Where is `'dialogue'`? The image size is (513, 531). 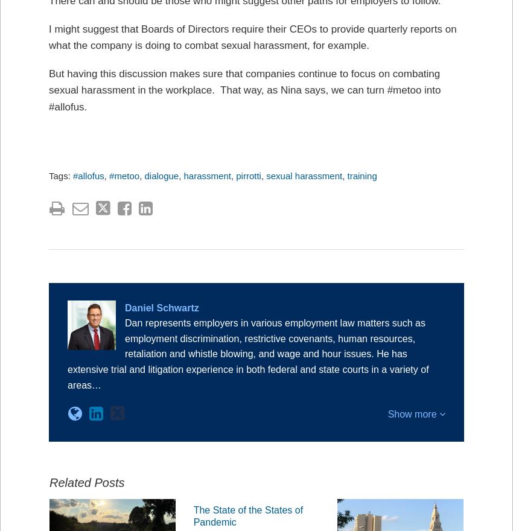
'dialogue' is located at coordinates (144, 175).